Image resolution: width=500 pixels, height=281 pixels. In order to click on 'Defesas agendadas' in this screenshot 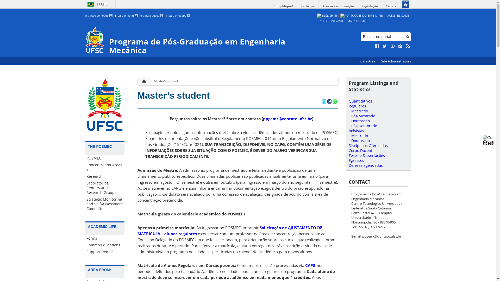, I will do `click(365, 165)`.